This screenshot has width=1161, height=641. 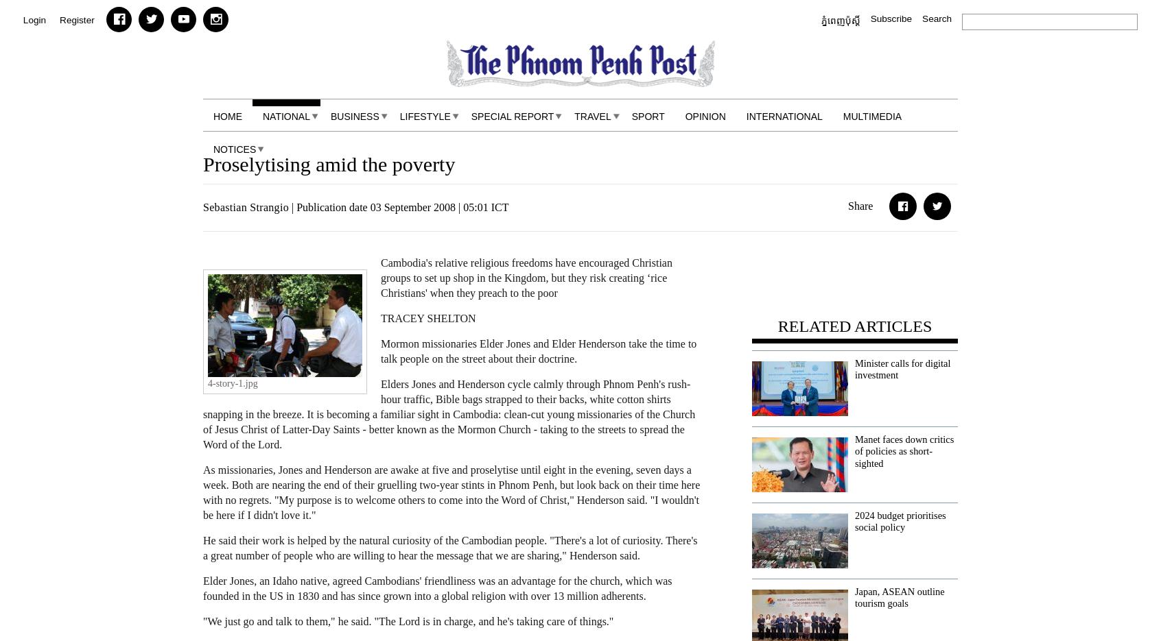 I want to click on 'Japan, ASEAN outline tourism goals', so click(x=898, y=596).